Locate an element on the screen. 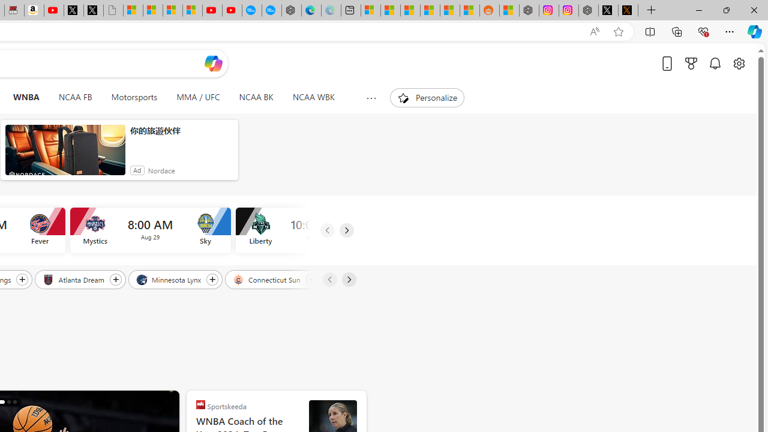  'Motorsports' is located at coordinates (134, 97).